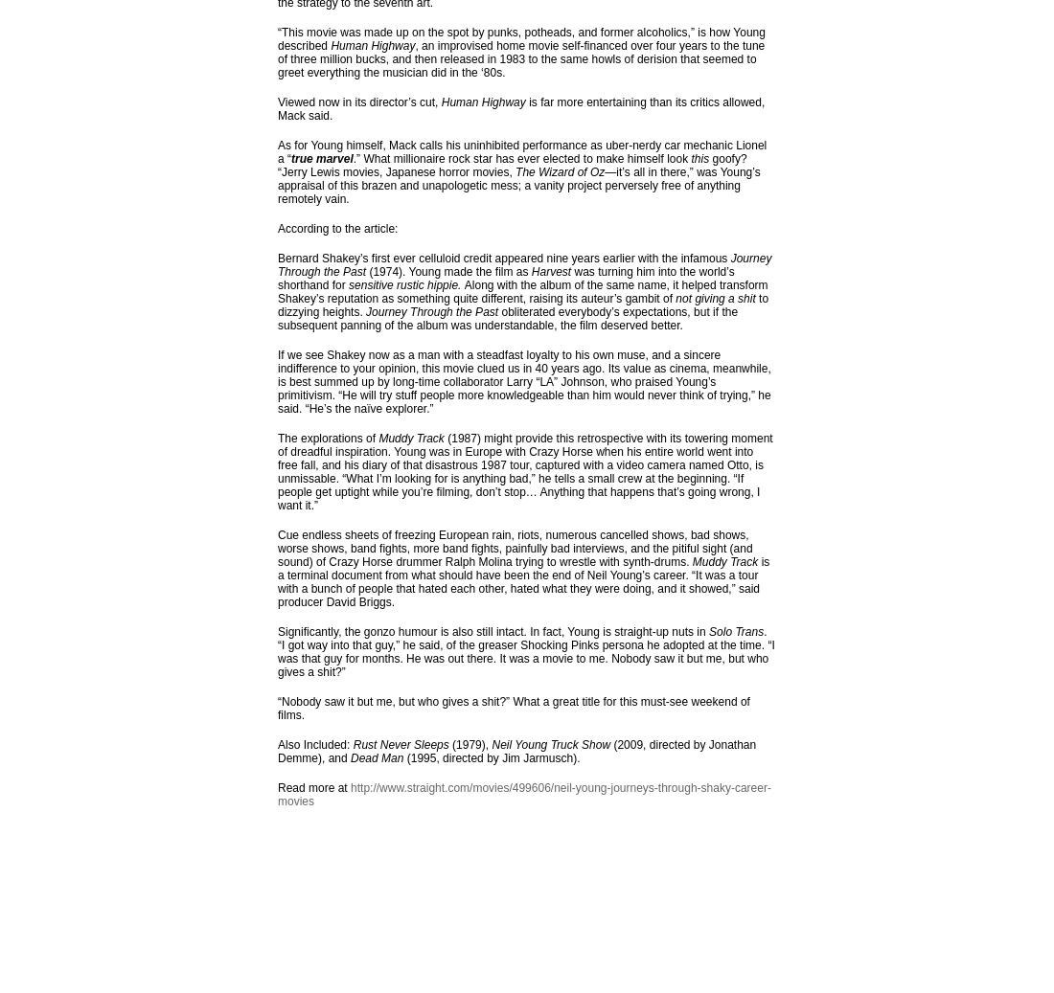  Describe the element at coordinates (516, 750) in the screenshot. I see `'(2009, directed by Jonathan Demme), and'` at that location.